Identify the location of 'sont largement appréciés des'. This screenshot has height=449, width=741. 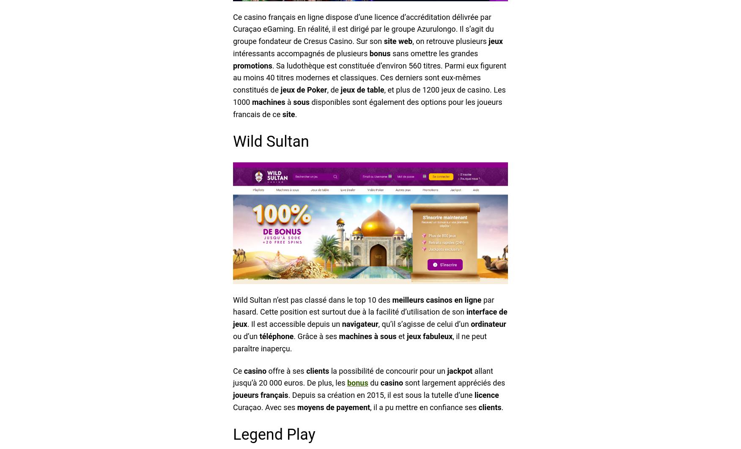
(454, 382).